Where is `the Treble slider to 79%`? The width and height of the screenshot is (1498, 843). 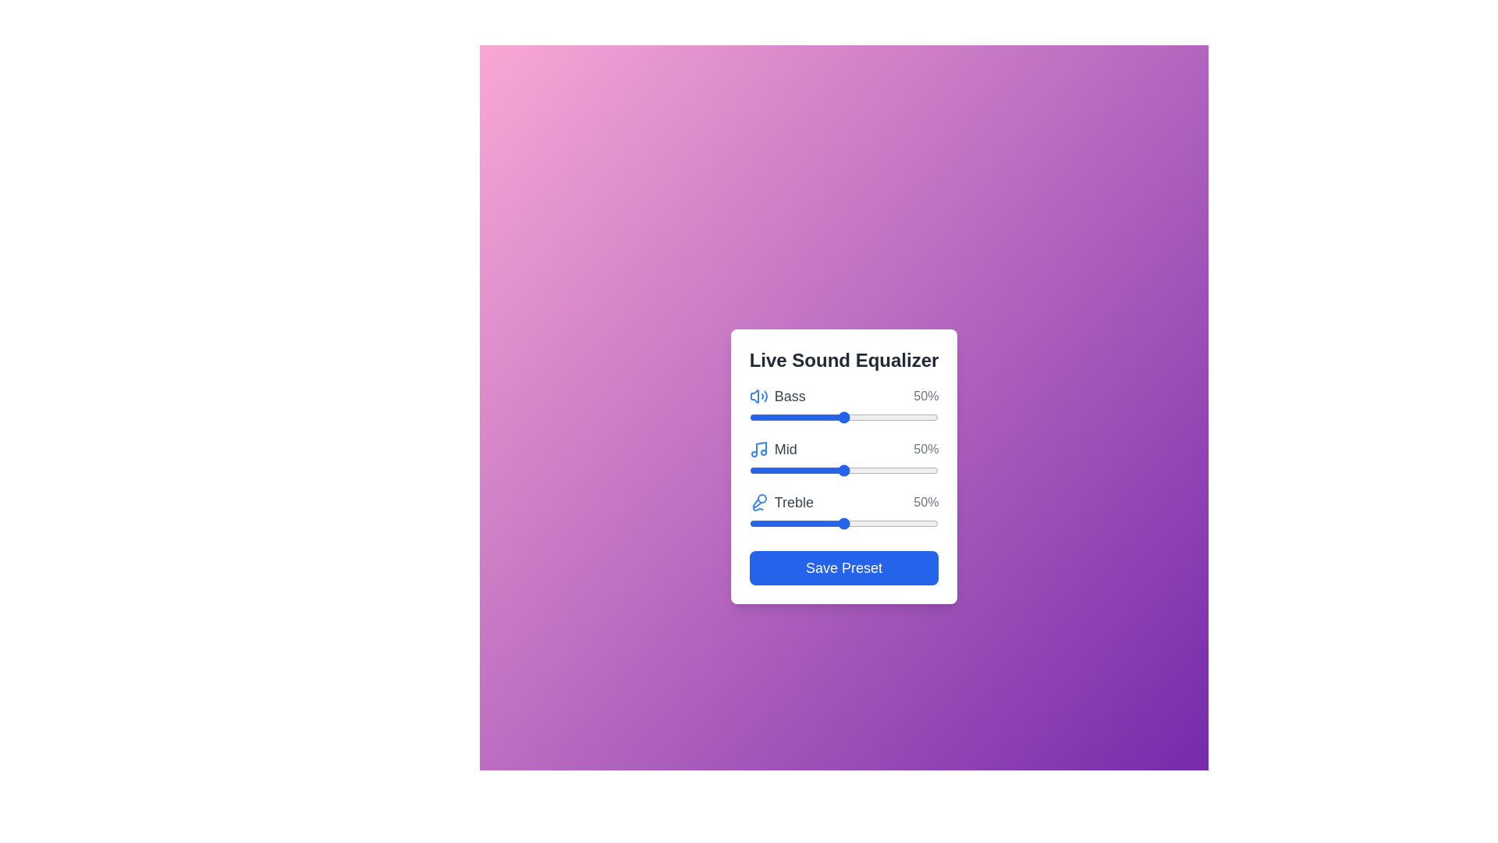
the Treble slider to 79% is located at coordinates (899, 524).